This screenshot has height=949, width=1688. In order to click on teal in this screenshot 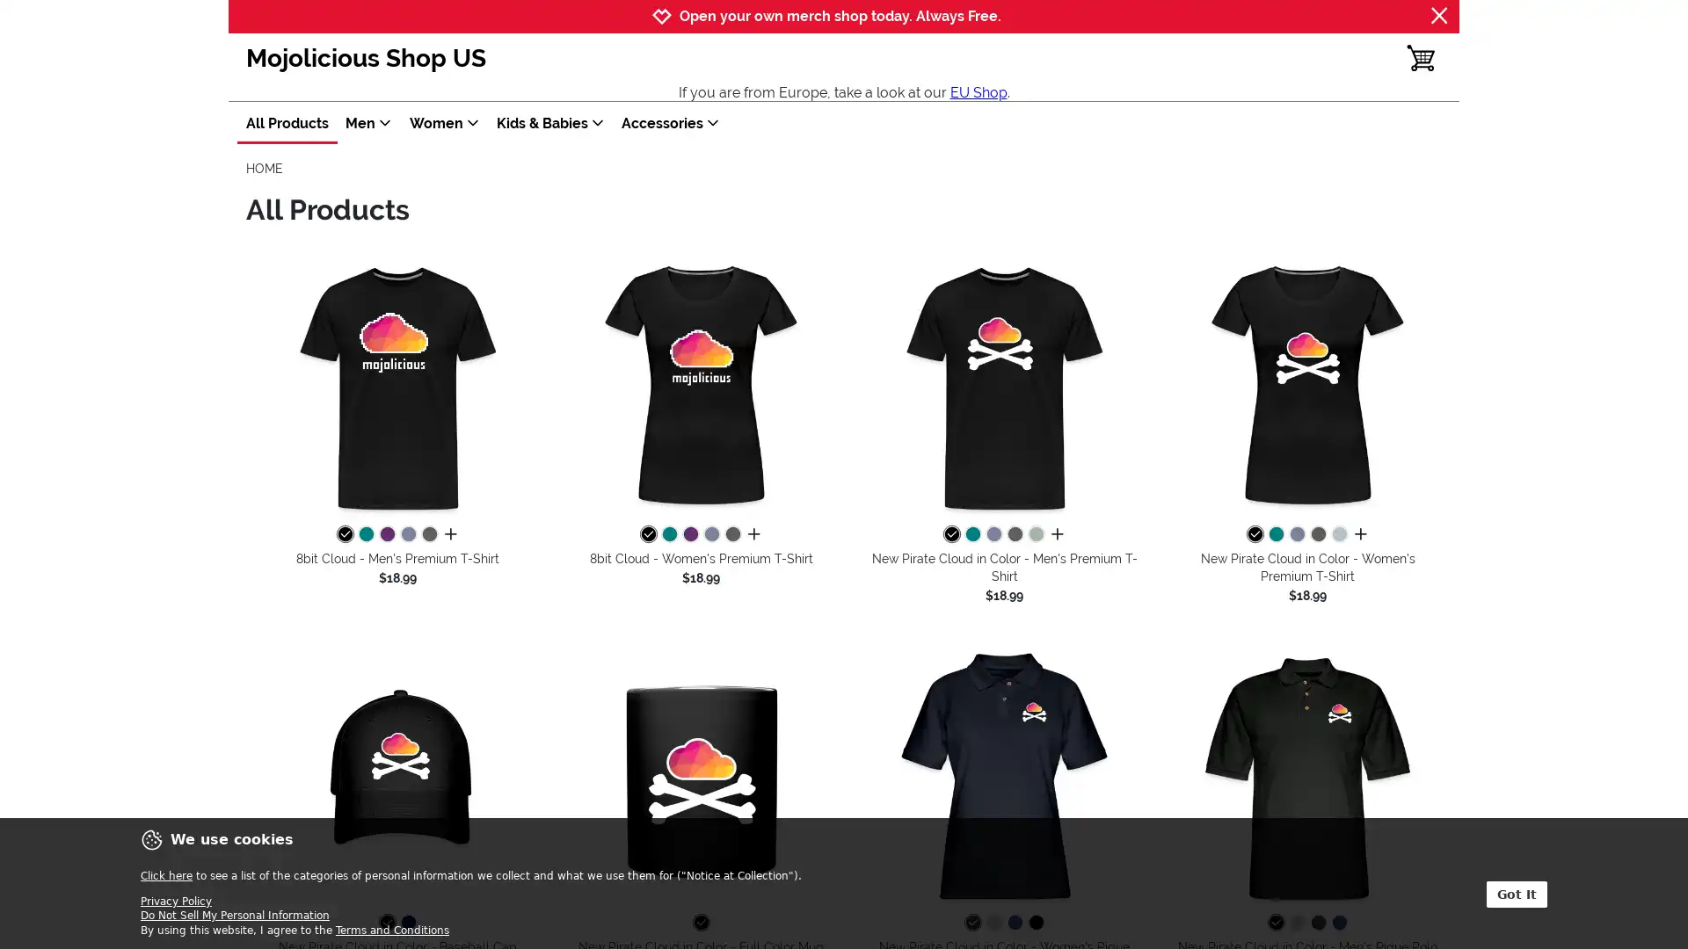, I will do `click(365, 534)`.